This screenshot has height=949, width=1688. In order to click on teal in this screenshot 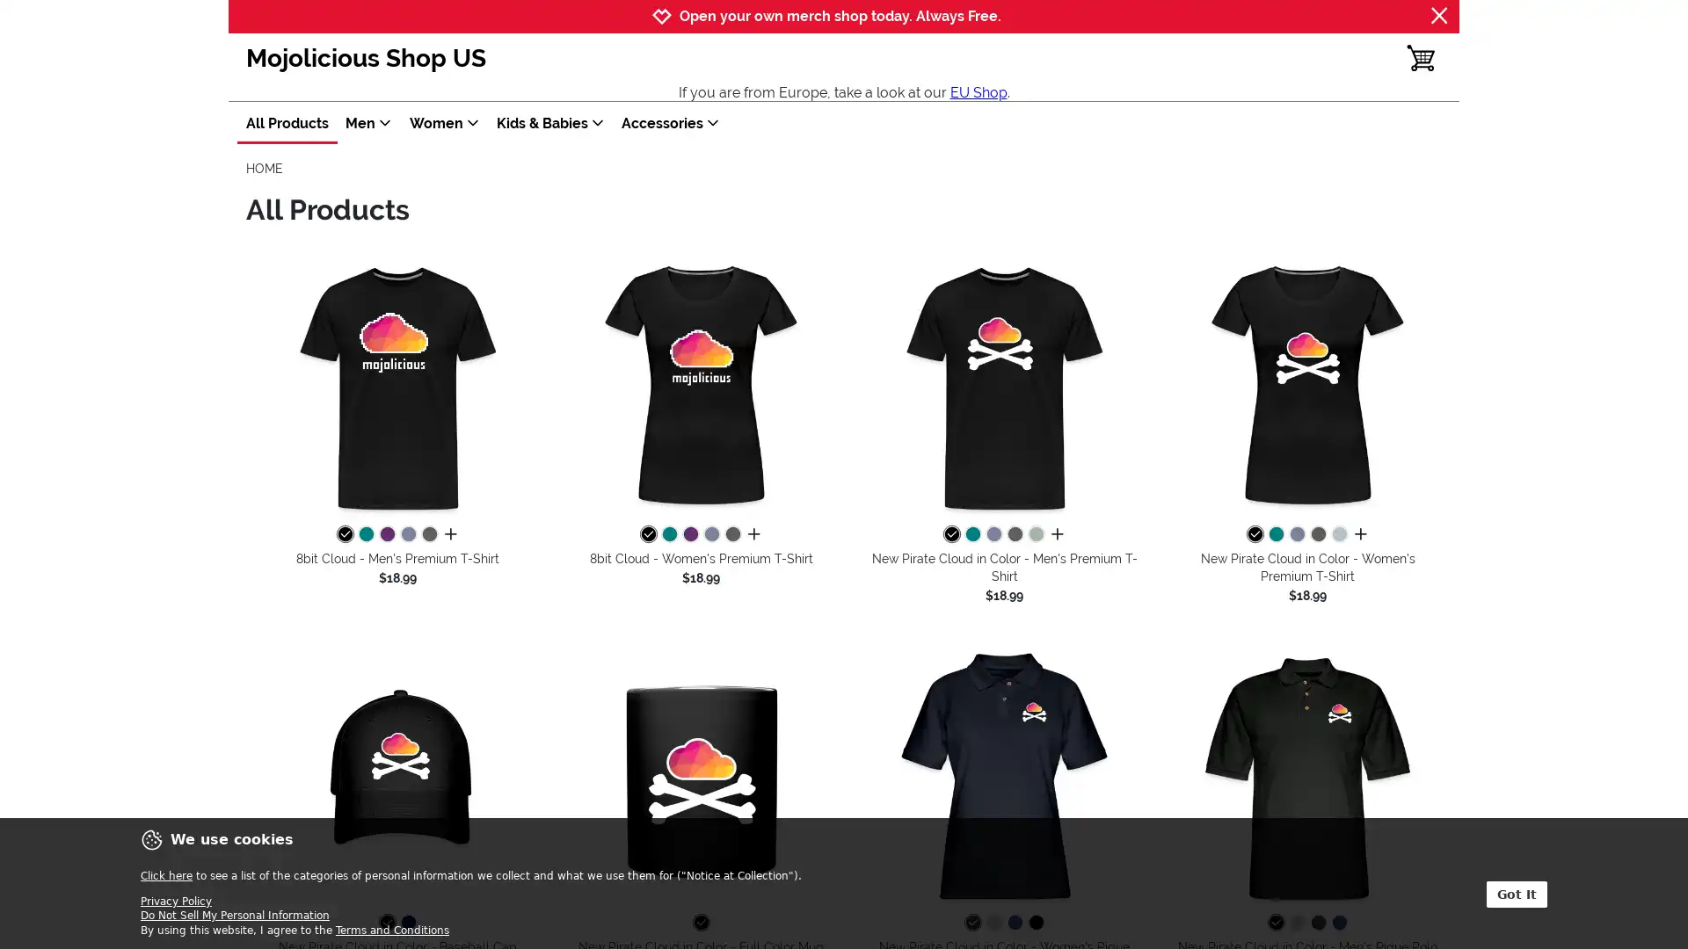, I will do `click(365, 534)`.